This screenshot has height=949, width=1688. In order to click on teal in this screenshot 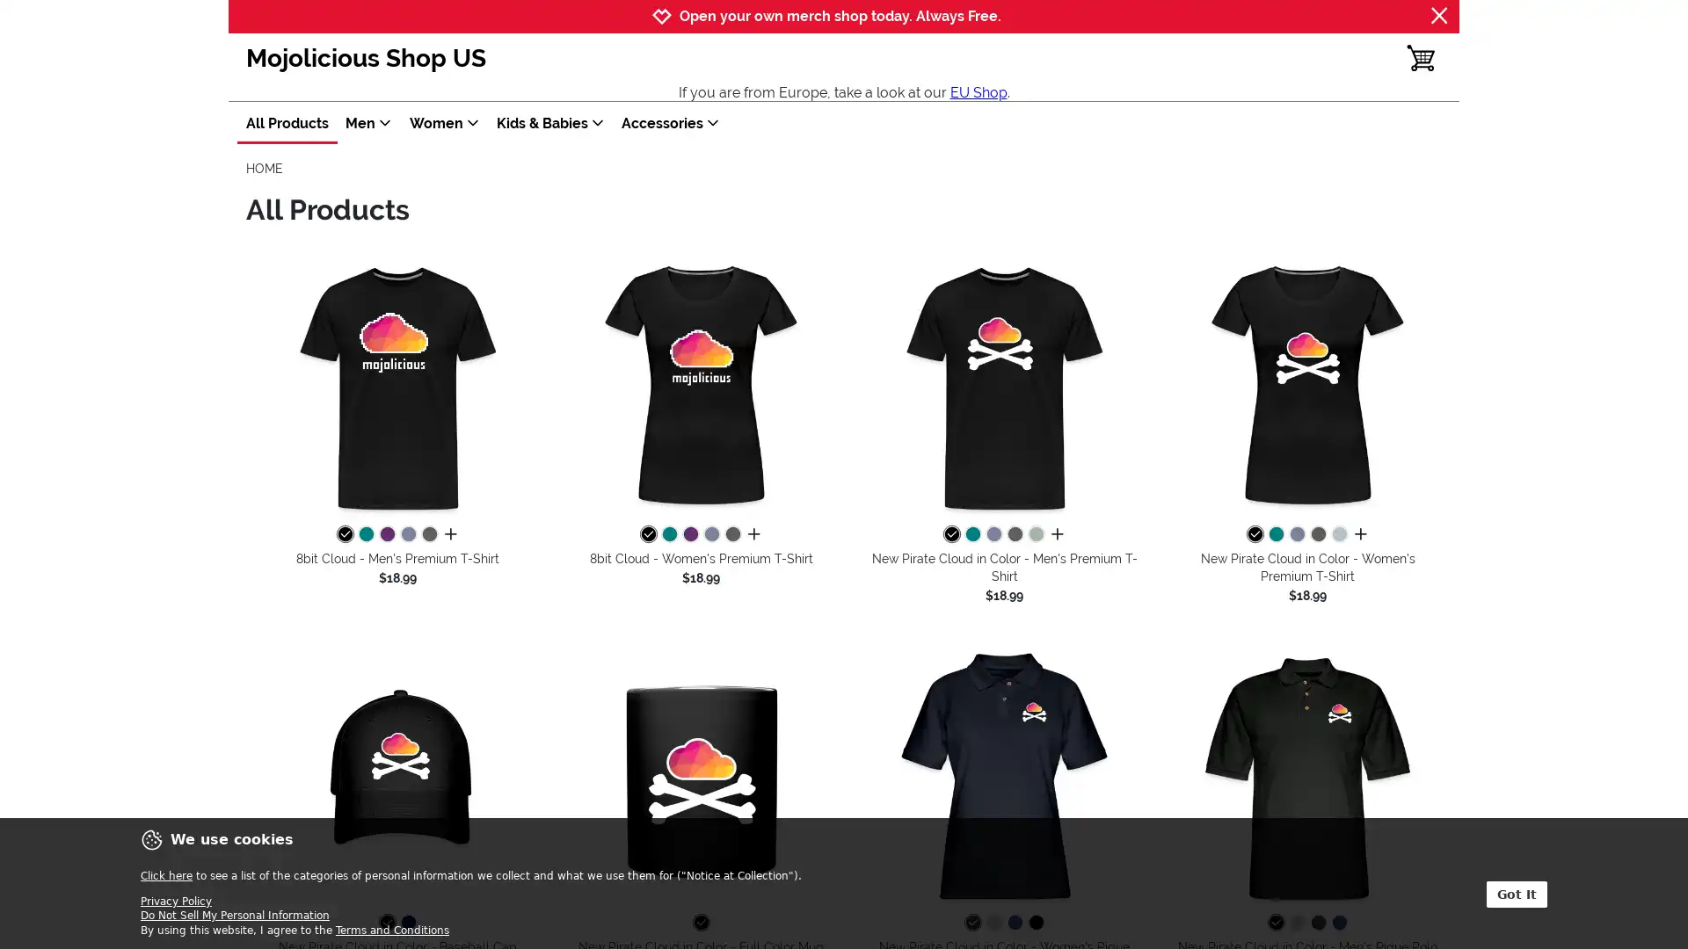, I will do `click(365, 534)`.